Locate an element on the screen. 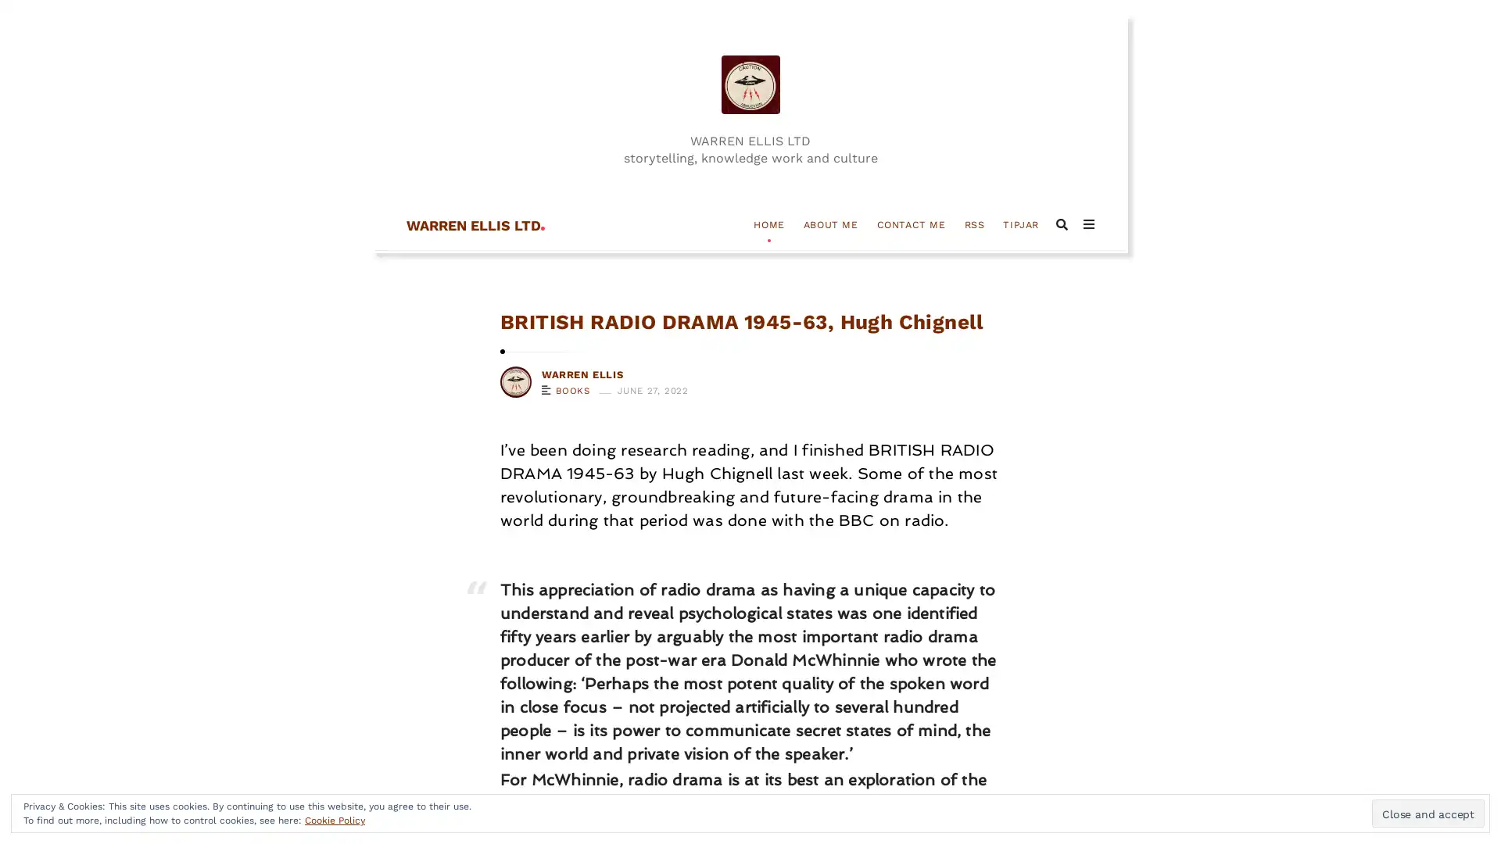 This screenshot has width=1501, height=844. Close and accept is located at coordinates (1428, 813).